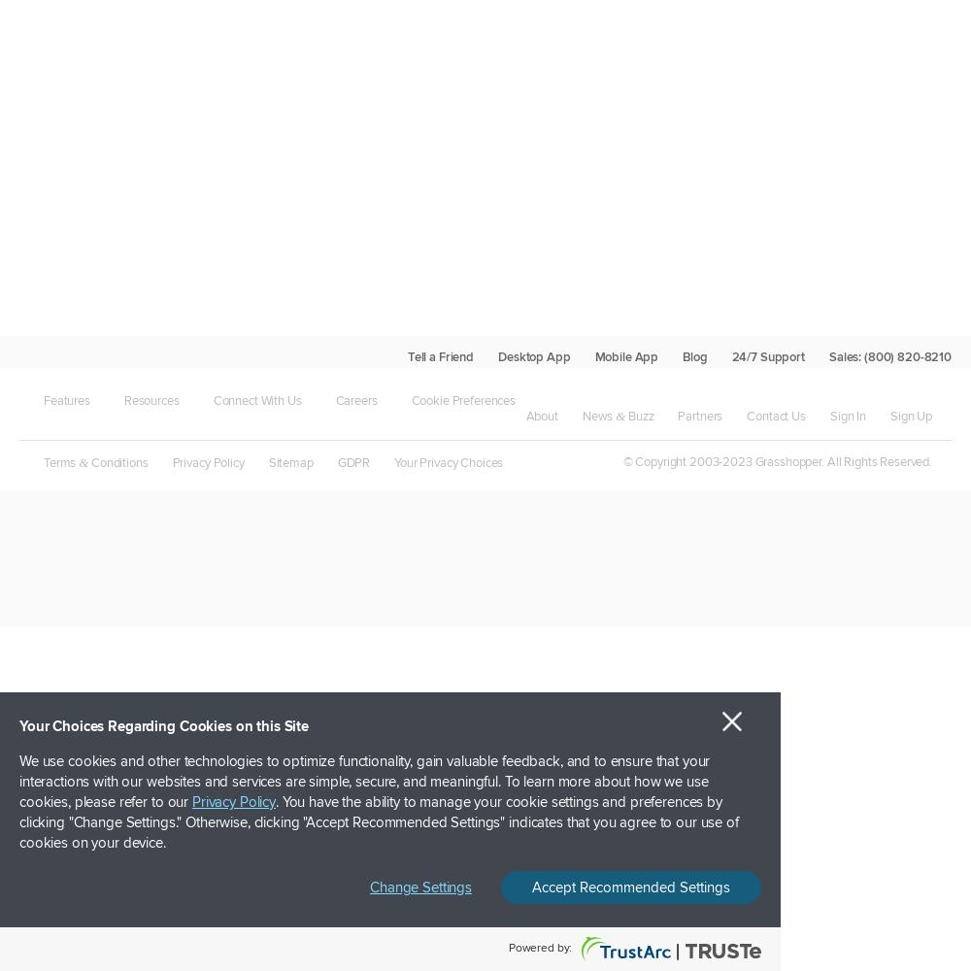  I want to click on 'Change Settings', so click(420, 887).